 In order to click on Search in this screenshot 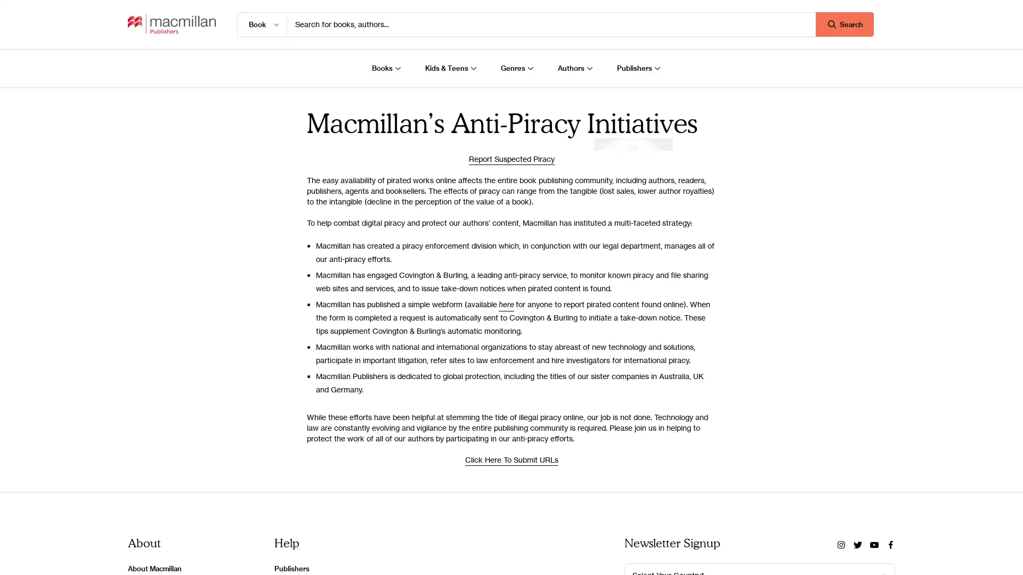, I will do `click(844, 24)`.